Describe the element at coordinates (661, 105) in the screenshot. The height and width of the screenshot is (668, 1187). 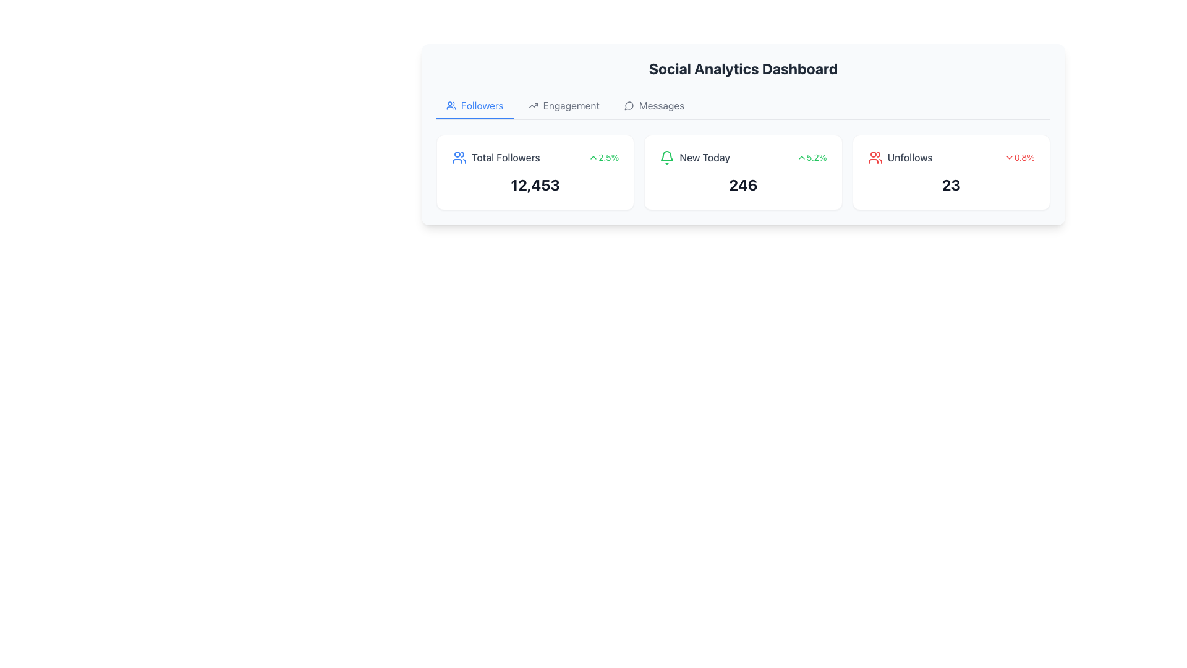
I see `the 'Messages' text label displayed in gray font style, located to the right of the speech bubble icon in the horizontal navigation bar below the 'Social Analytics Dashboard' title` at that location.